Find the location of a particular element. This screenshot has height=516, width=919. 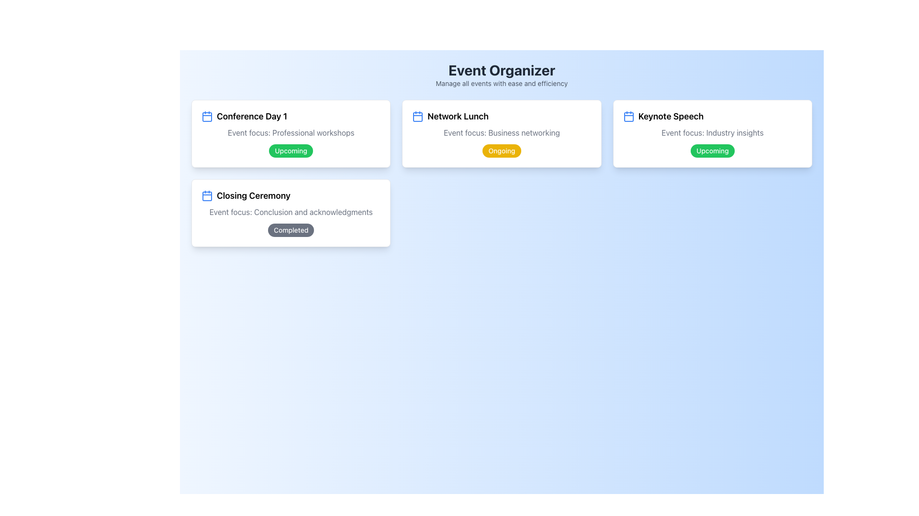

the event card located between the 'Conference Day 1' and 'Keynote Speech' cards in the scheduling application is located at coordinates (501, 134).